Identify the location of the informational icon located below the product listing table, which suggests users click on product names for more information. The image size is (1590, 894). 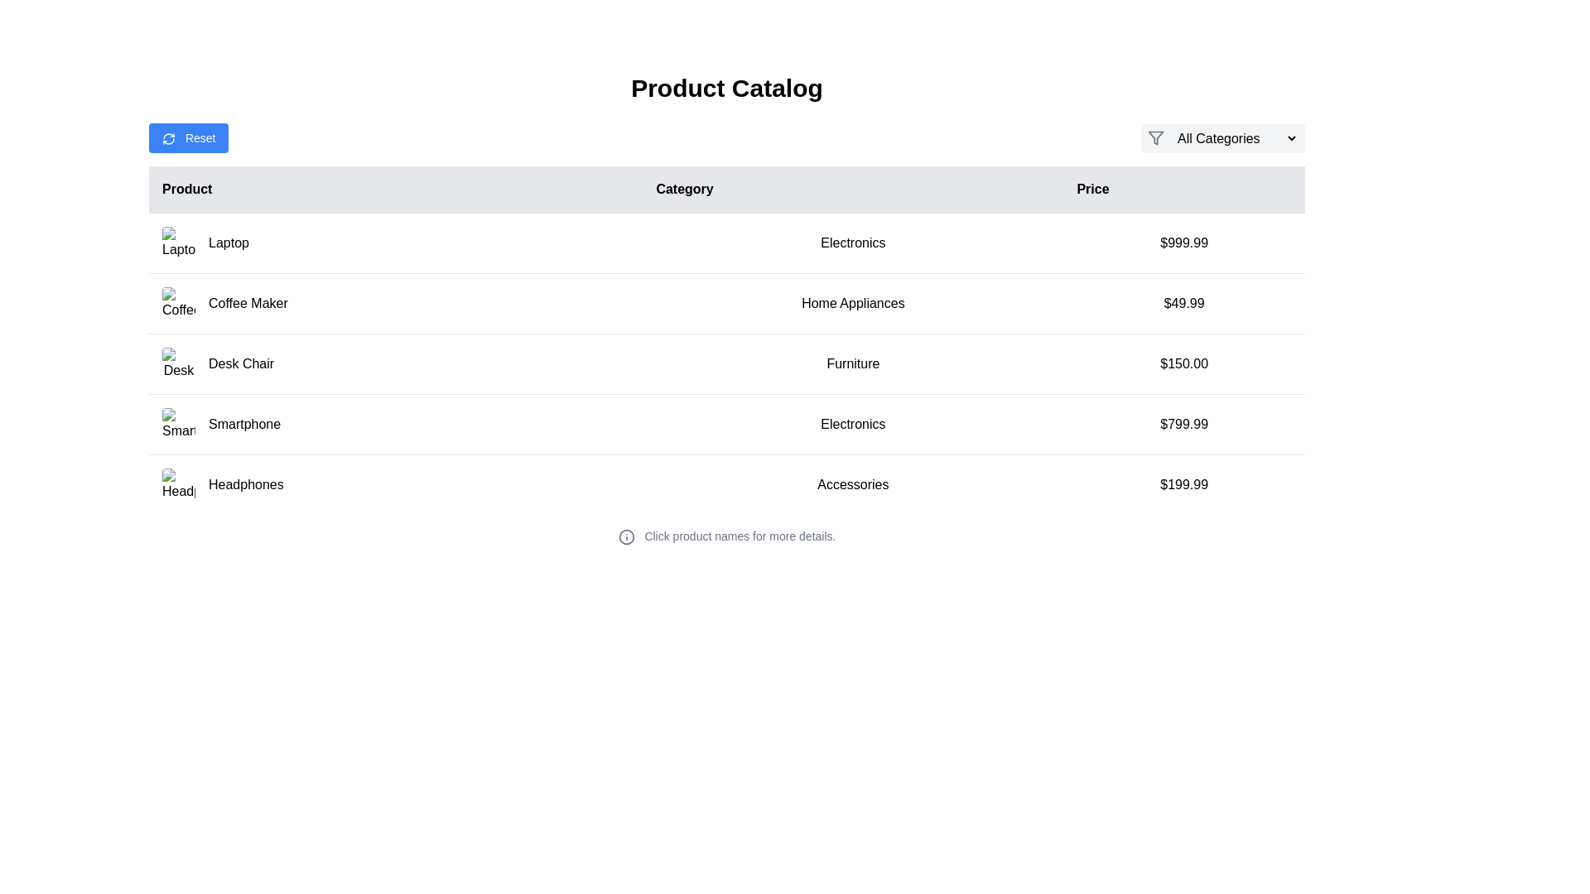
(727, 536).